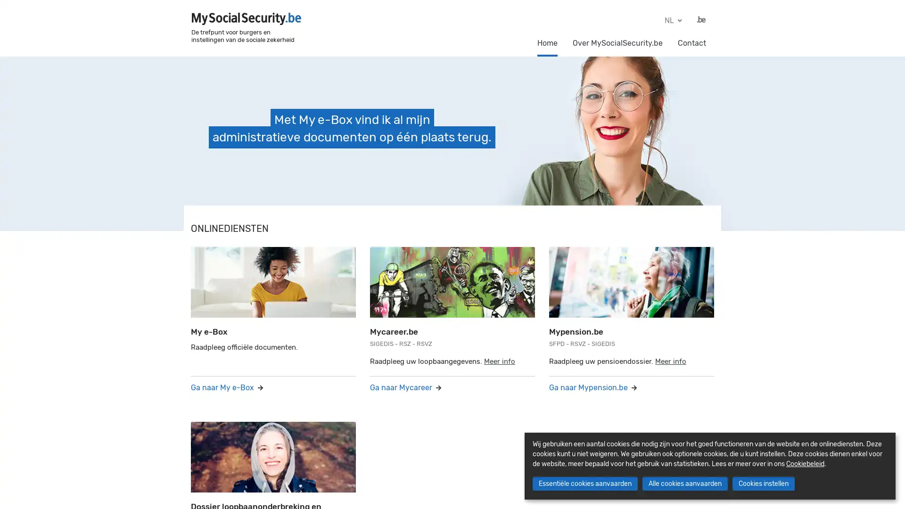  Describe the element at coordinates (584, 484) in the screenshot. I see `Essentiele cookies aanvaarden` at that location.